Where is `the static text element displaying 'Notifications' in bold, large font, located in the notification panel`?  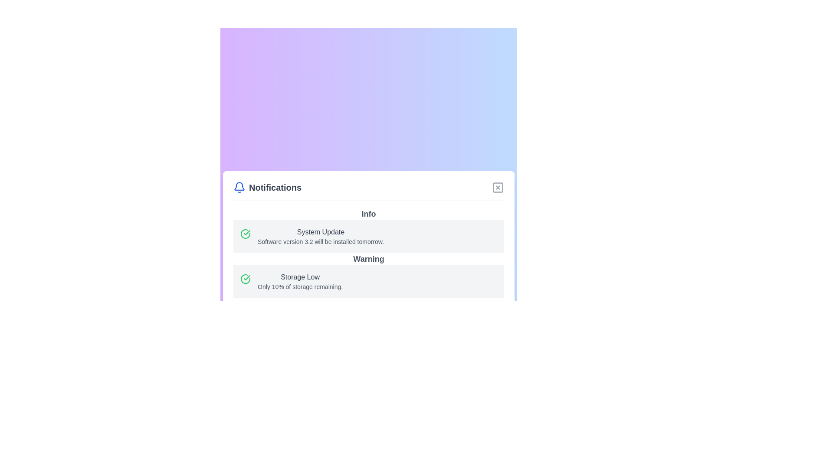 the static text element displaying 'Notifications' in bold, large font, located in the notification panel is located at coordinates (275, 187).